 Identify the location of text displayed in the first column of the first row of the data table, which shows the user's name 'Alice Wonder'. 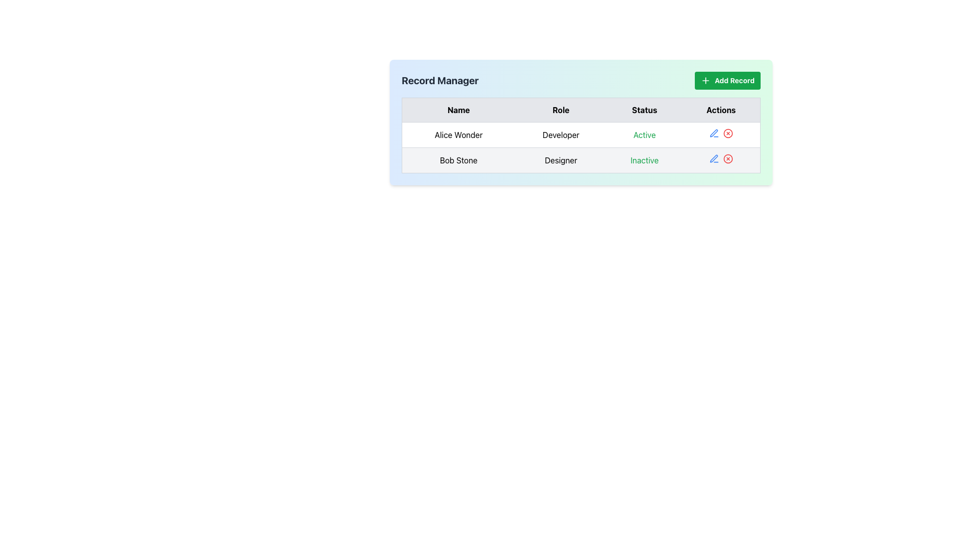
(458, 134).